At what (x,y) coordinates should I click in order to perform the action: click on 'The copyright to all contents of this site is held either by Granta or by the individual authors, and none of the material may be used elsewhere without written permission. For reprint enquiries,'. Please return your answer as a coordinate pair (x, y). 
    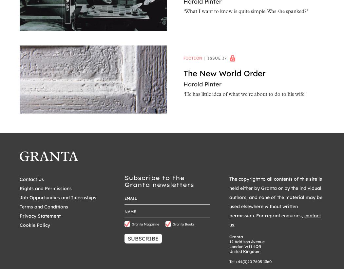
    Looking at the image, I should click on (276, 197).